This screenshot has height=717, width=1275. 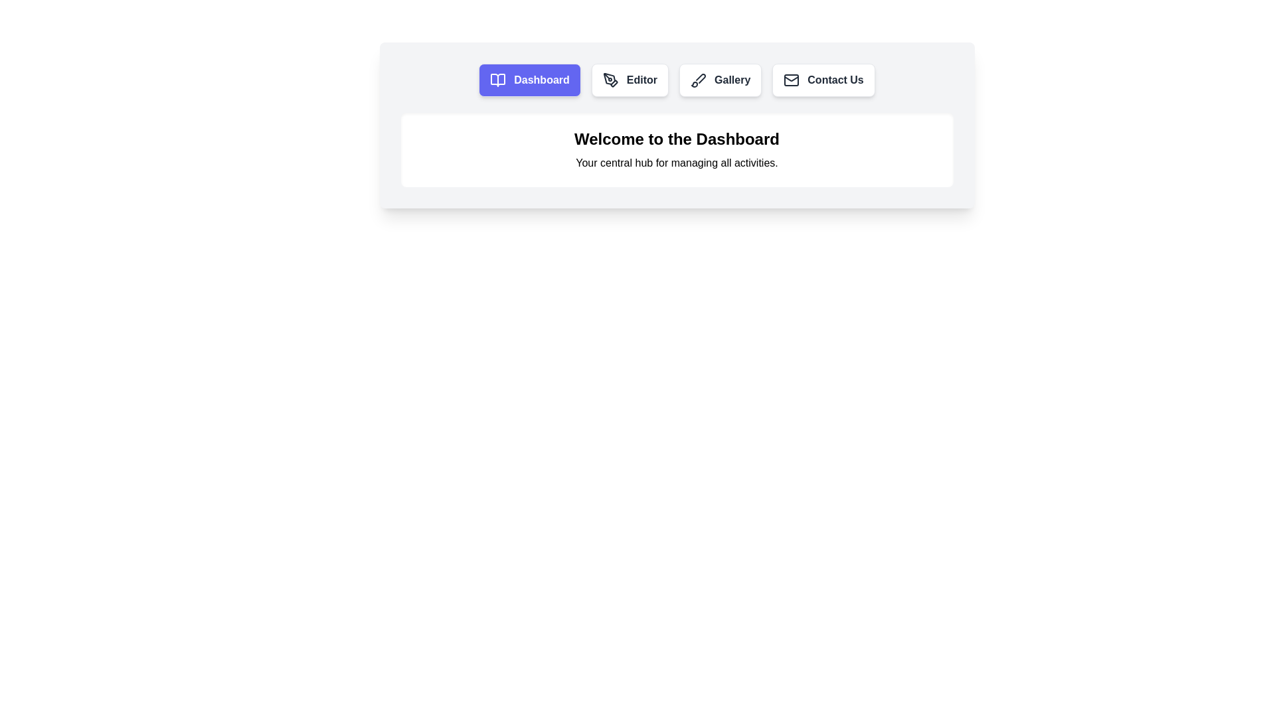 I want to click on the 'Gallery' button, which is a rounded rectangular button with a brush icon and bold label, located between the 'Editor' and 'Contact Us' buttons, so click(x=720, y=80).